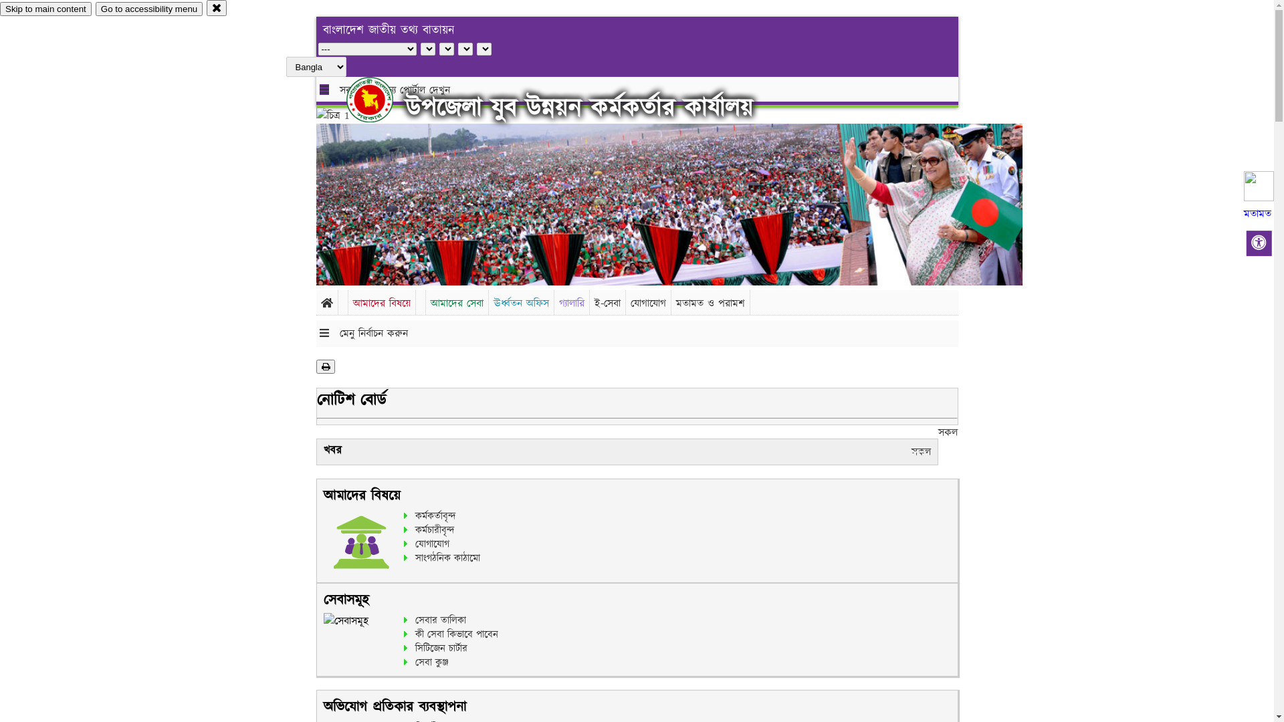  Describe the element at coordinates (381, 99) in the screenshot. I see `'` at that location.